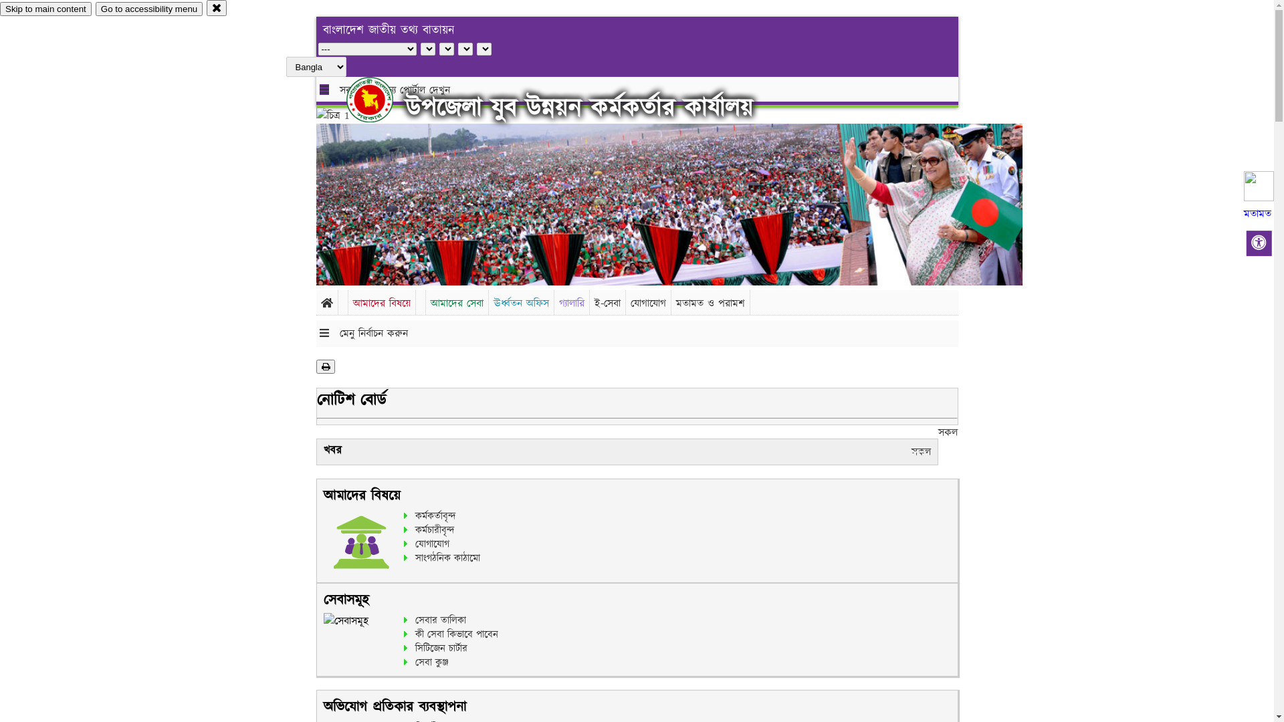  Describe the element at coordinates (381, 99) in the screenshot. I see `'` at that location.